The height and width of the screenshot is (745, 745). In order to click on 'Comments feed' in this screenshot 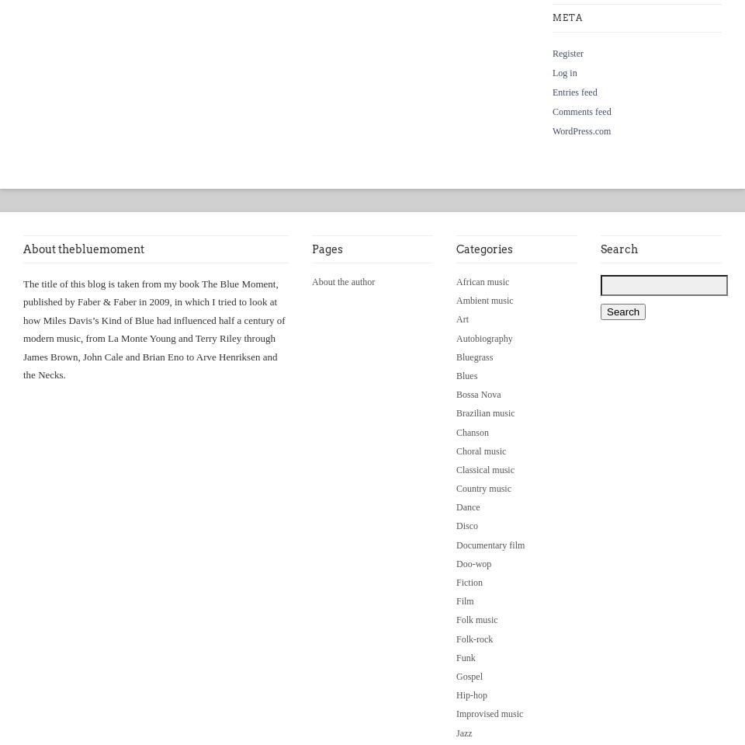, I will do `click(580, 111)`.